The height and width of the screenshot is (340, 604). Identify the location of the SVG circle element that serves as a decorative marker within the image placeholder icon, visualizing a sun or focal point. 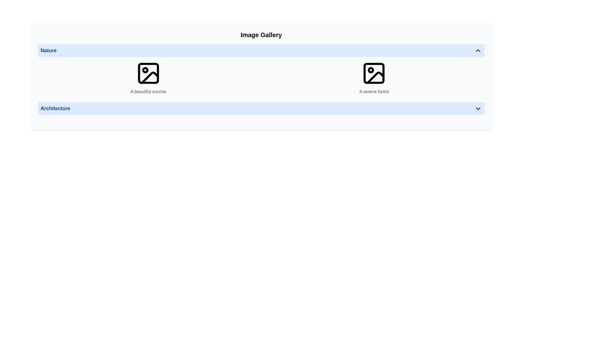
(371, 70).